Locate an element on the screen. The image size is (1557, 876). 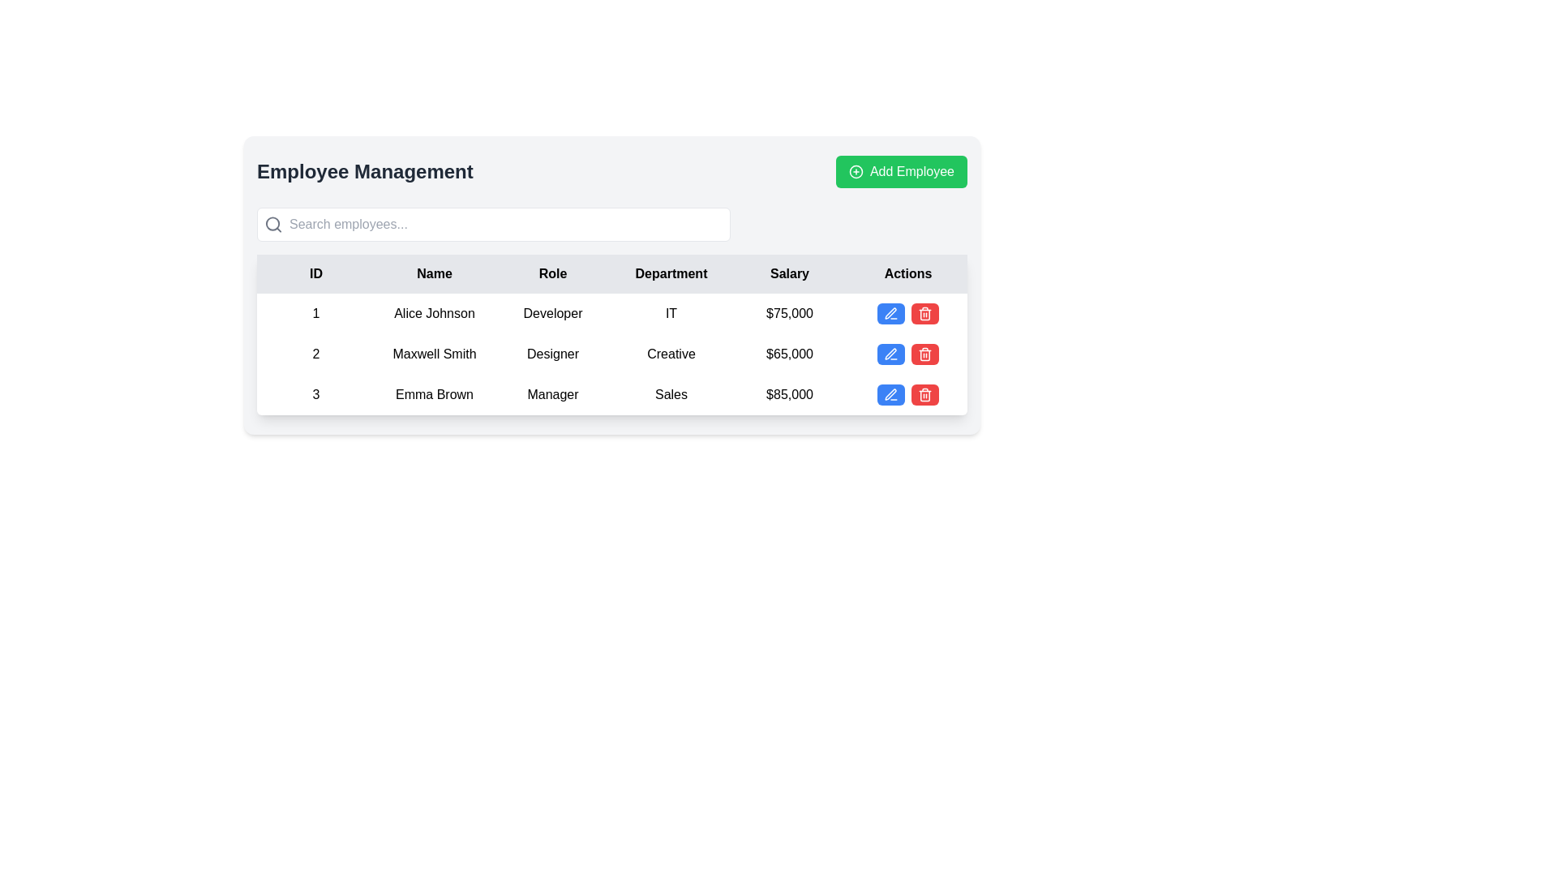
the 'Salary' header cell in the table, which is the fifth cell in the header row, positioned between the 'Department' and 'Actions' headers is located at coordinates (790, 273).